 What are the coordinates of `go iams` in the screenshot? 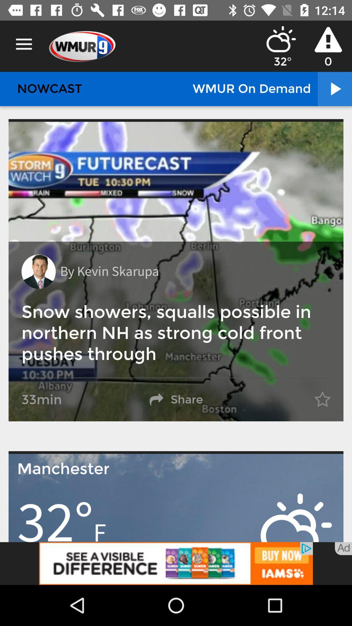 It's located at (176, 563).